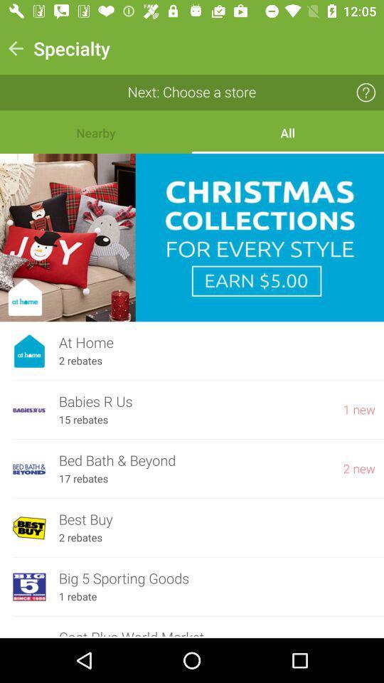 This screenshot has width=384, height=683. What do you see at coordinates (217, 578) in the screenshot?
I see `big 5 sporting item` at bounding box center [217, 578].